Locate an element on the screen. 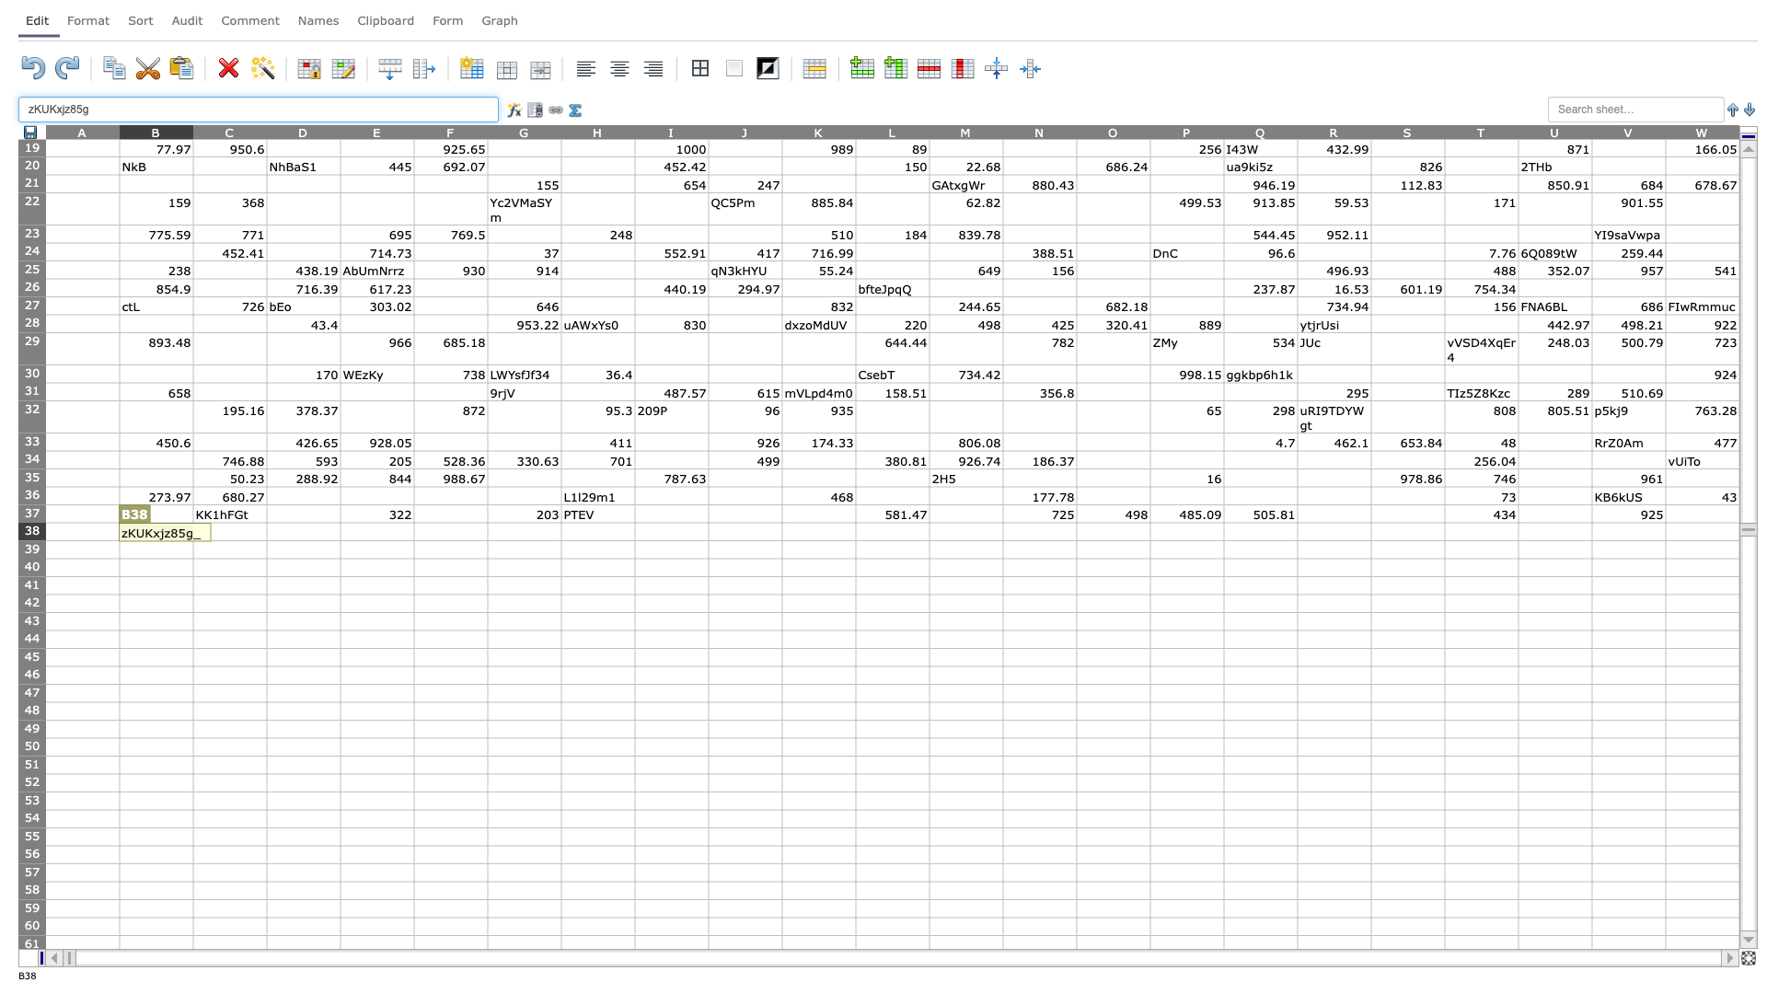 This screenshot has width=1767, height=994. cell at column C row 56 is located at coordinates (228, 854).